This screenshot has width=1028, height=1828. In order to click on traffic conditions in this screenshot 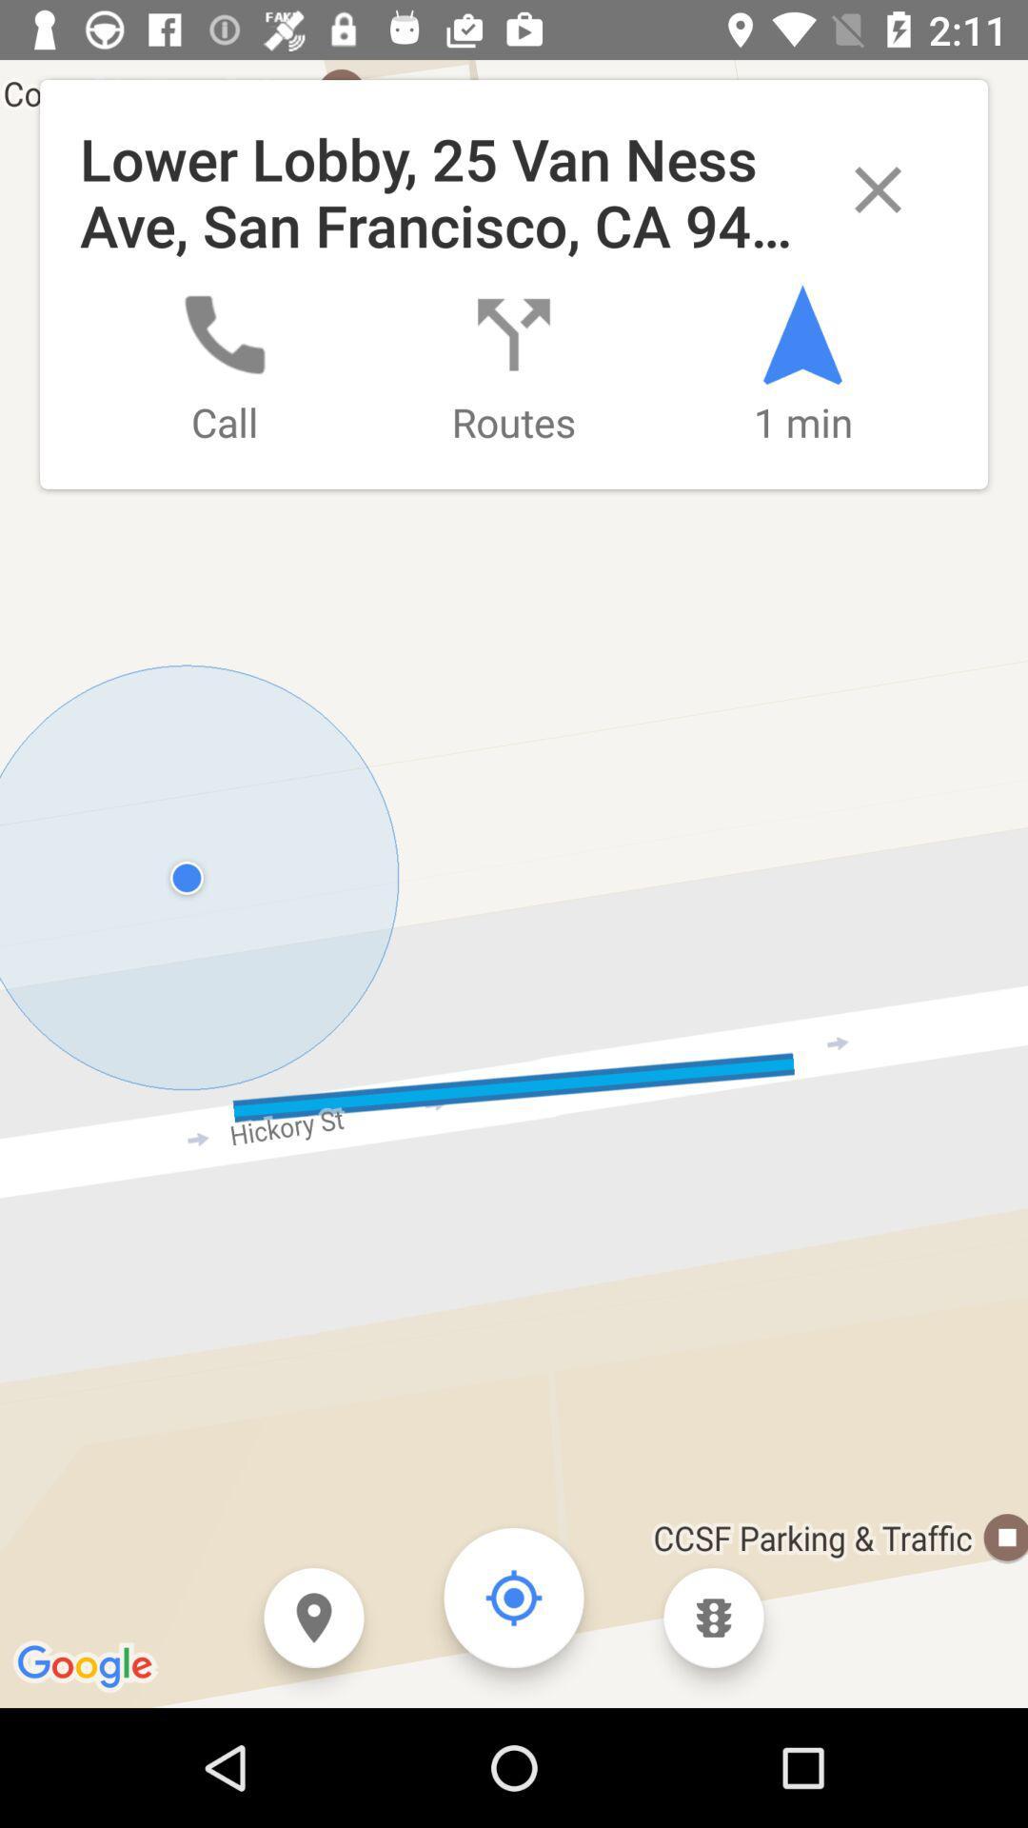, I will do `click(713, 1617)`.